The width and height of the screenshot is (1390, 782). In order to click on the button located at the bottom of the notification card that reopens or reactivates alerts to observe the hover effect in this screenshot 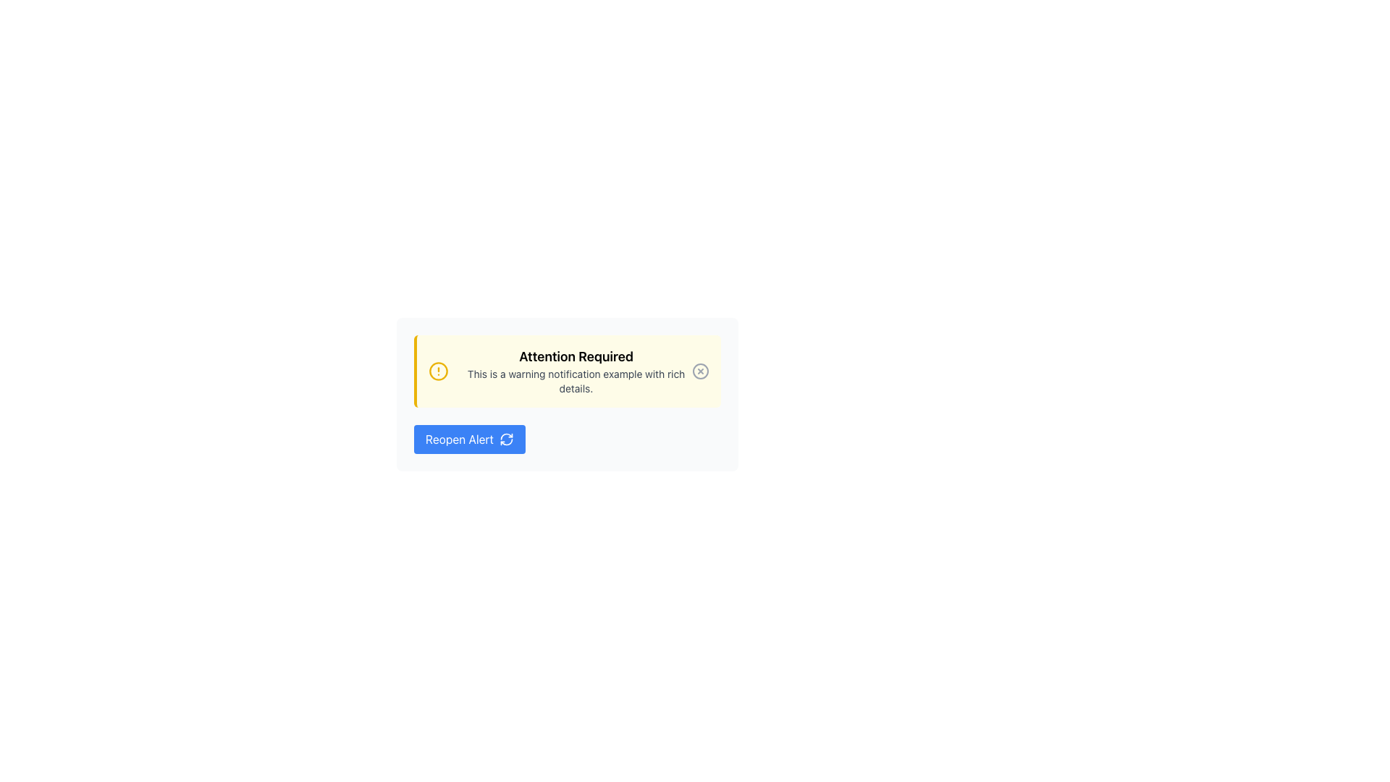, I will do `click(469, 438)`.